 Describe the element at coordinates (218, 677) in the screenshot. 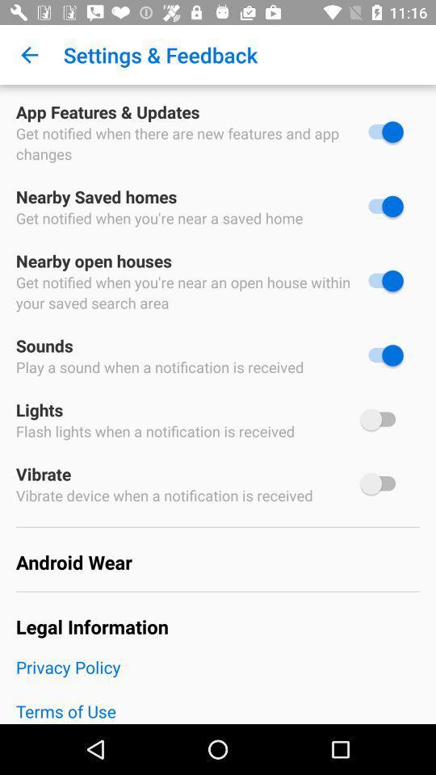

I see `the privacy policy` at that location.